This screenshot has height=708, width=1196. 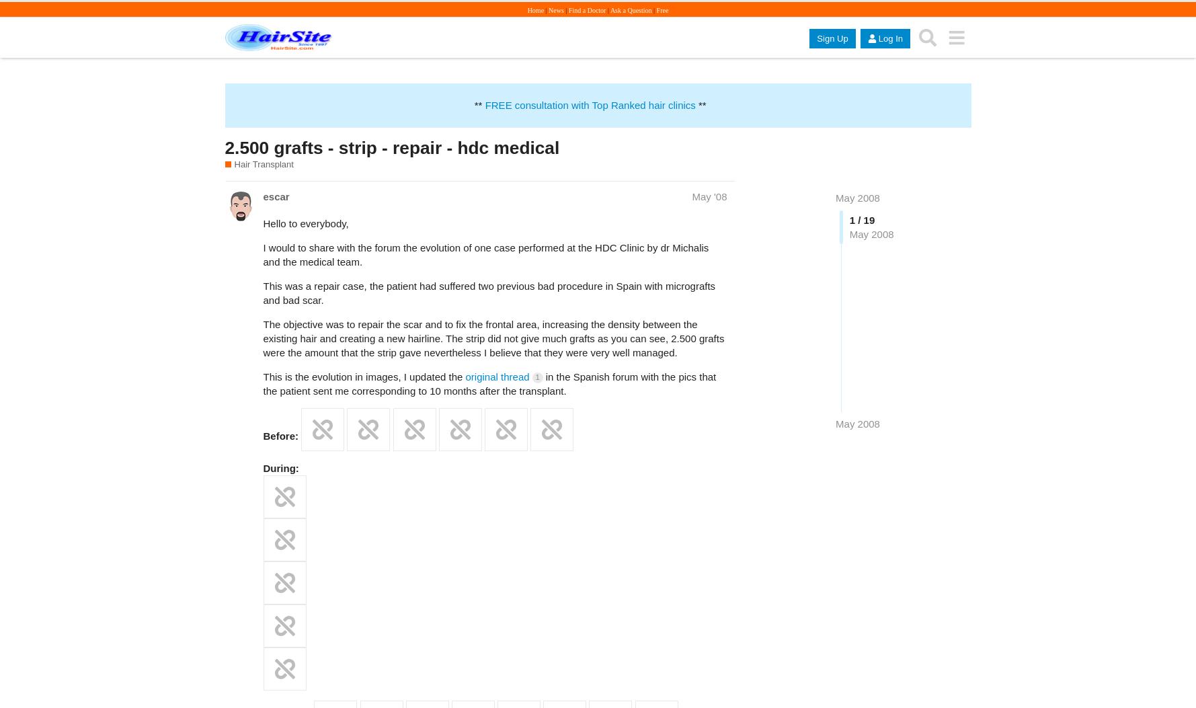 I want to click on 'Ask a Question', so click(x=608, y=10).